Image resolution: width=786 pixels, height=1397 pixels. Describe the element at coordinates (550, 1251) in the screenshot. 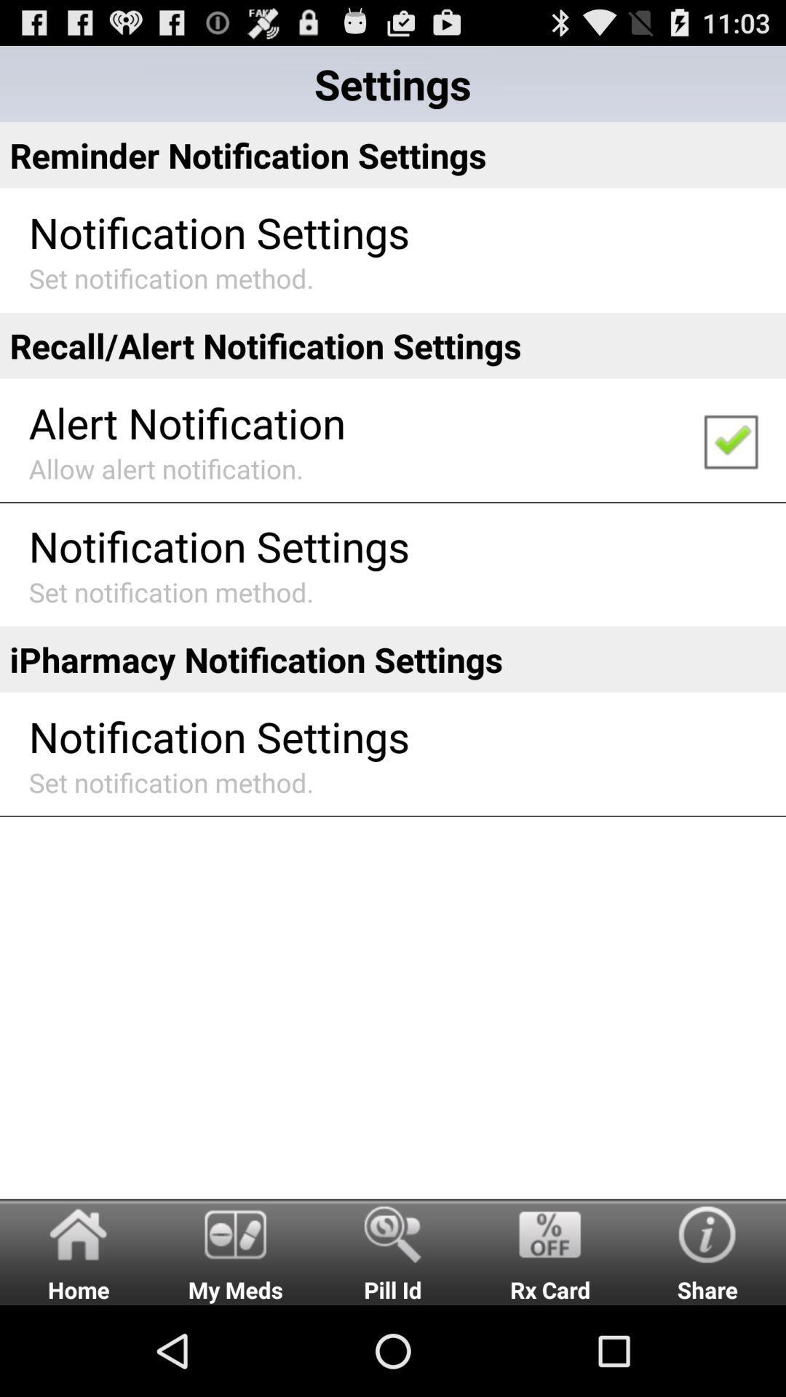

I see `the radio button to the left of share item` at that location.